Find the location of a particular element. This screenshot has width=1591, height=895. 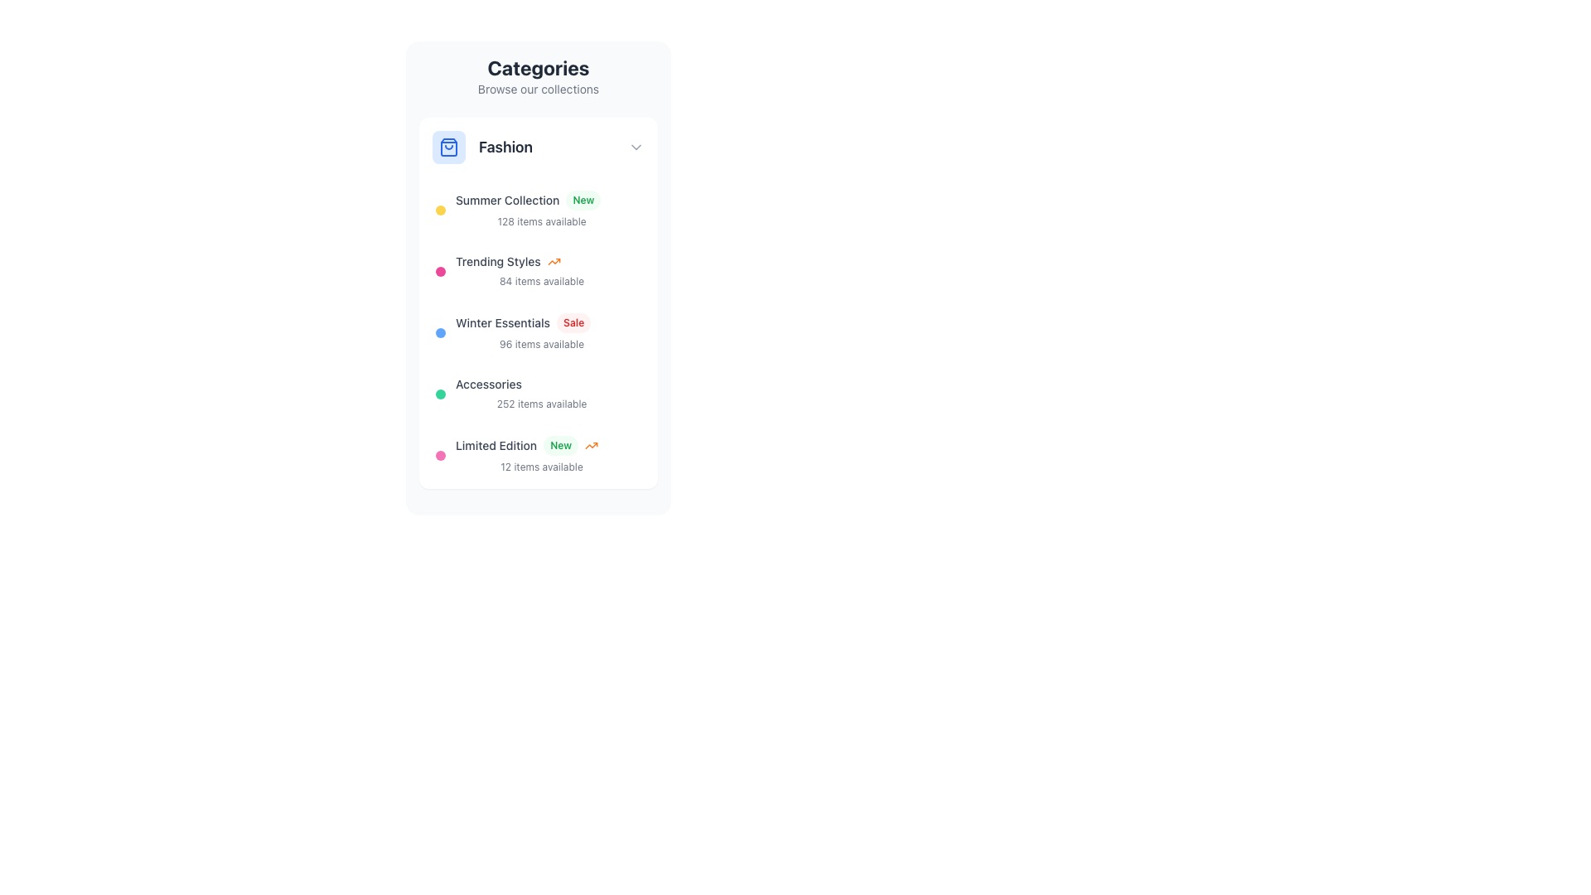

the bold, large-font text label with the content 'Categories' that is styled in dark gray and is prominently positioned at the top of the section is located at coordinates (538, 66).